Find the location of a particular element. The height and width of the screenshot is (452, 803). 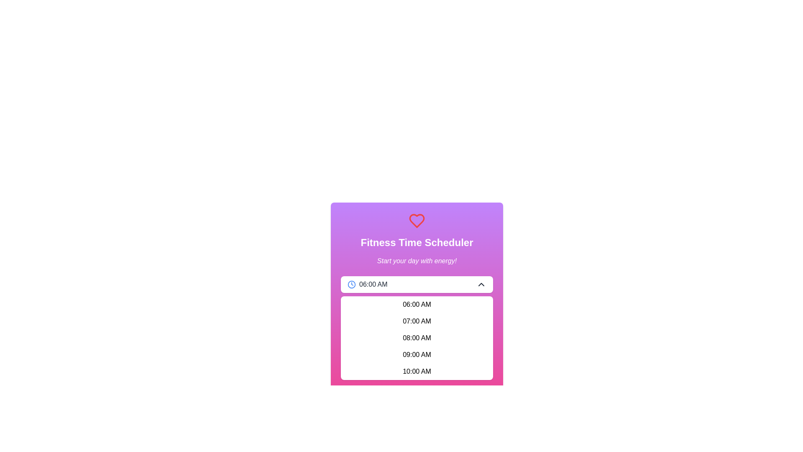

the list item displaying the time '08:00 AM', which is the third item in the dropdown list of time options is located at coordinates (417, 337).